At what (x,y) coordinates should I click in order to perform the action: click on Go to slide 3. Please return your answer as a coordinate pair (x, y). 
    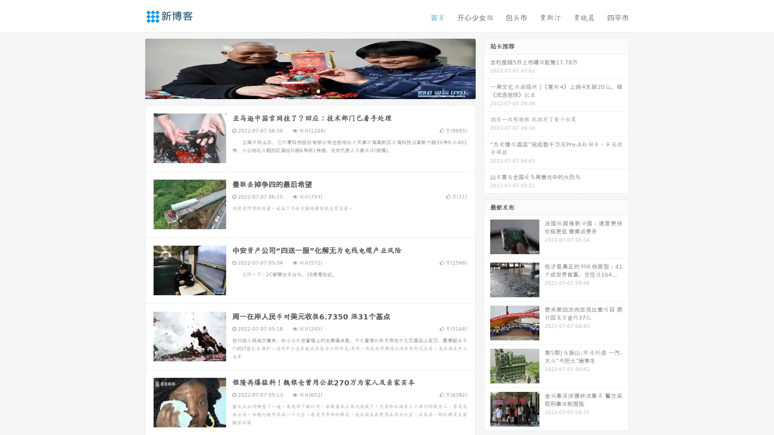
    Looking at the image, I should click on (318, 91).